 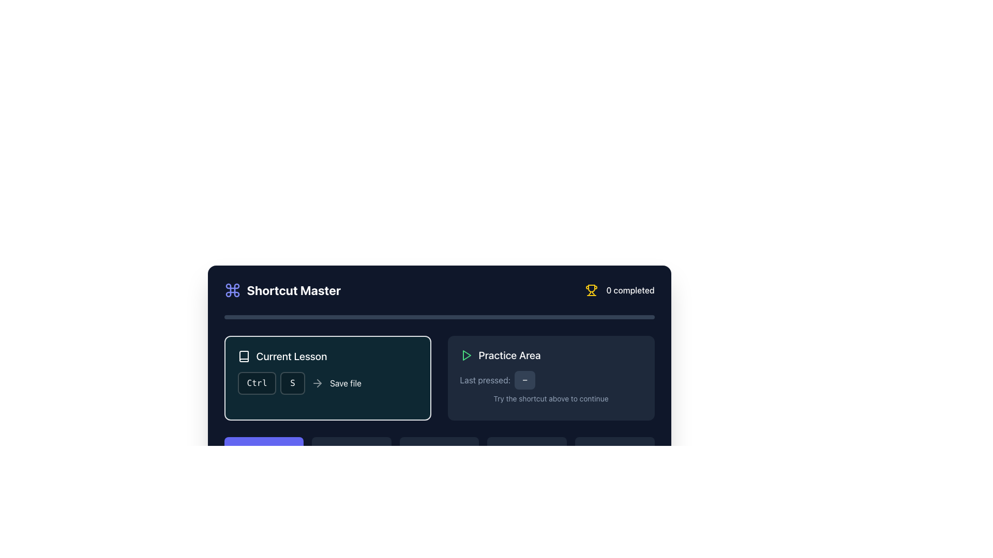 What do you see at coordinates (317, 383) in the screenshot?
I see `the icon located in the 'Current Lesson' section, positioned immediately to the right of the 'S' button and directly left of the 'Save file' text` at bounding box center [317, 383].